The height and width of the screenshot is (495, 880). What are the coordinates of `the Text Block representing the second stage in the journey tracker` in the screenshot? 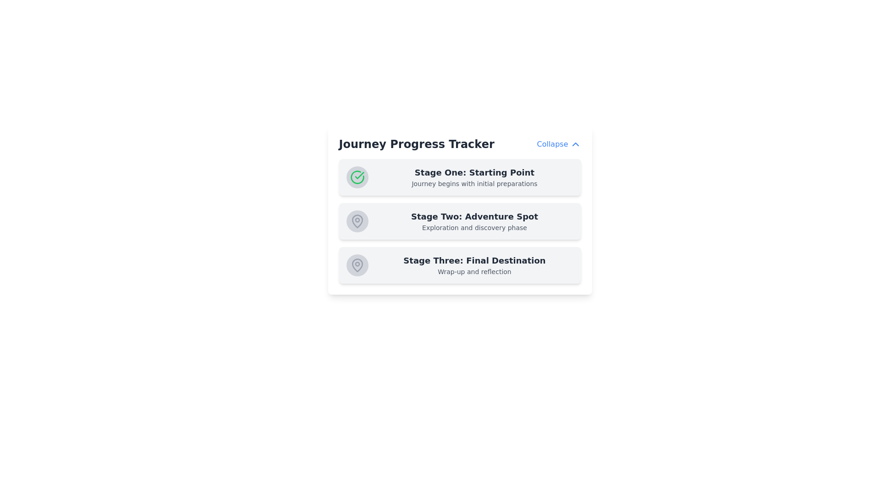 It's located at (474, 221).